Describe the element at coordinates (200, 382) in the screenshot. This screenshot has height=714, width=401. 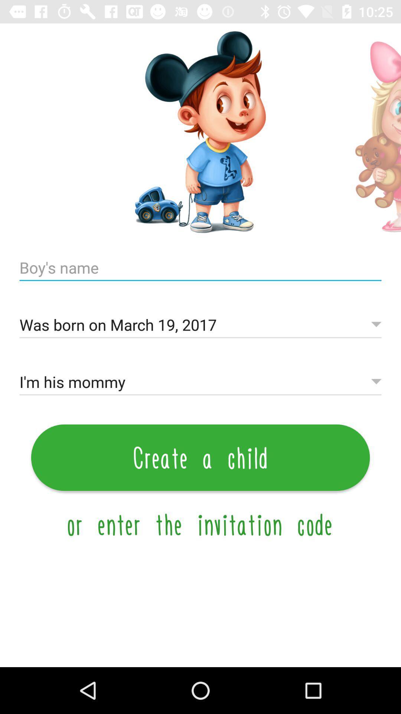
I see `the item below the was born on icon` at that location.